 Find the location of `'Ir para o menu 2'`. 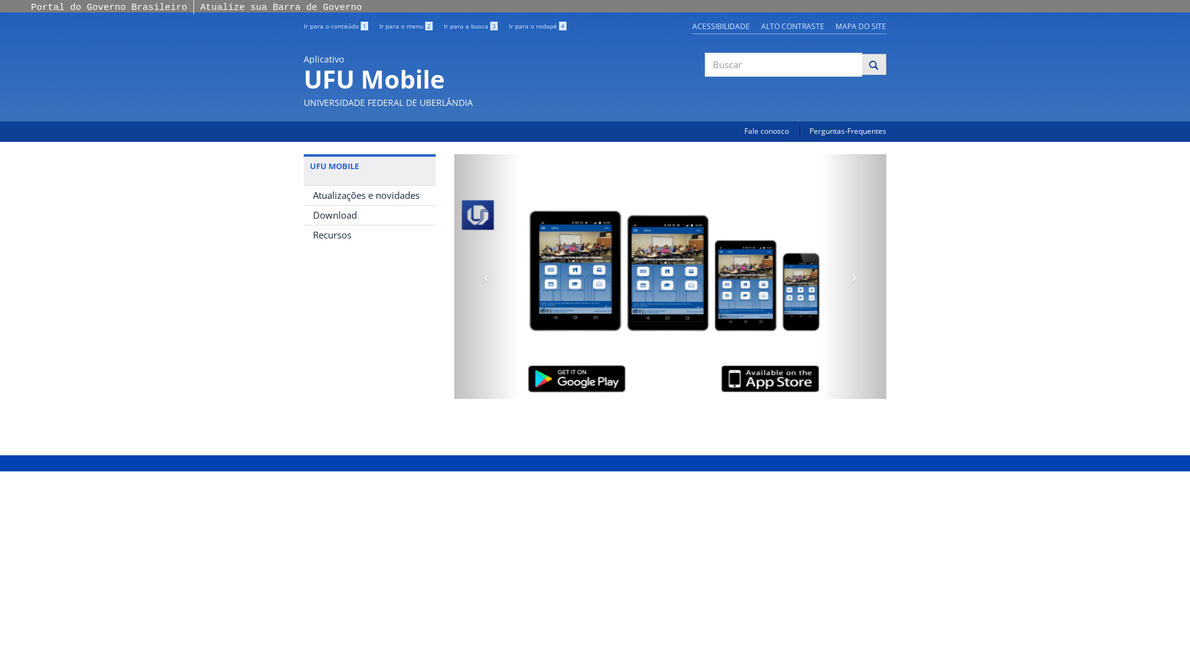

'Ir para o menu 2' is located at coordinates (378, 26).